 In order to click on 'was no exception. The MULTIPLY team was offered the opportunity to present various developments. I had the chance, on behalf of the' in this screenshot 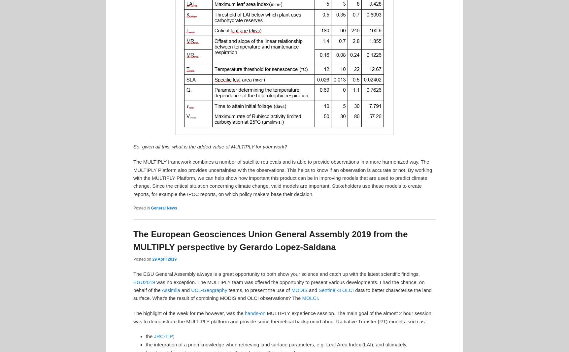, I will do `click(133, 286)`.